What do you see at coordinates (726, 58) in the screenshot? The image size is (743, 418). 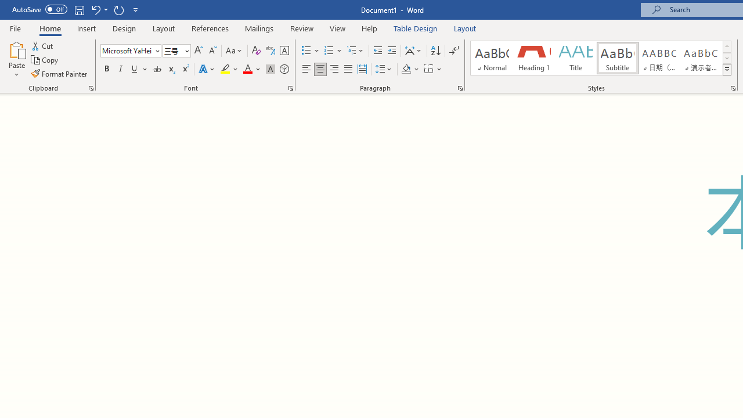 I see `'Row Down'` at bounding box center [726, 58].